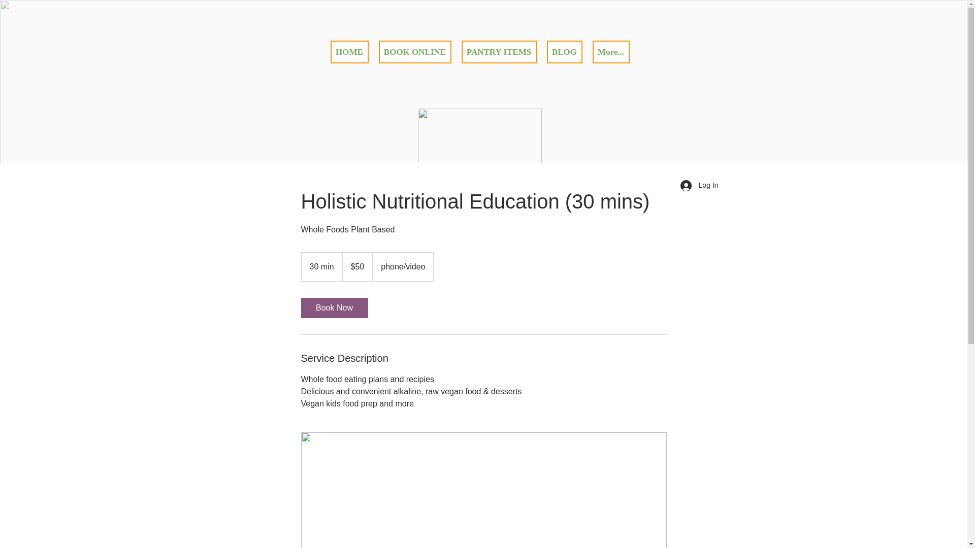 This screenshot has height=548, width=975. I want to click on 'BOOK ONLINE', so click(415, 52).